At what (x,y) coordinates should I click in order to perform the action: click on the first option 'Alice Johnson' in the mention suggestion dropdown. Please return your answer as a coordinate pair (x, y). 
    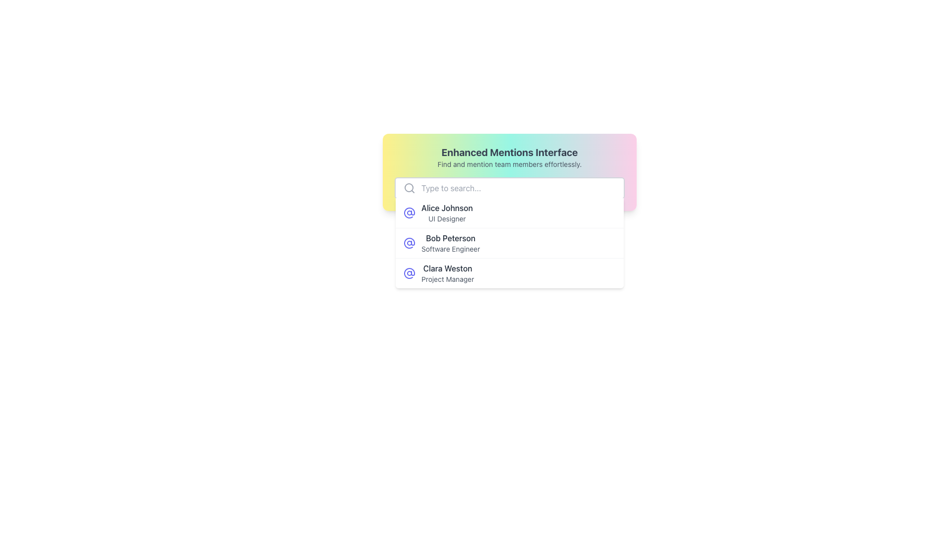
    Looking at the image, I should click on (509, 212).